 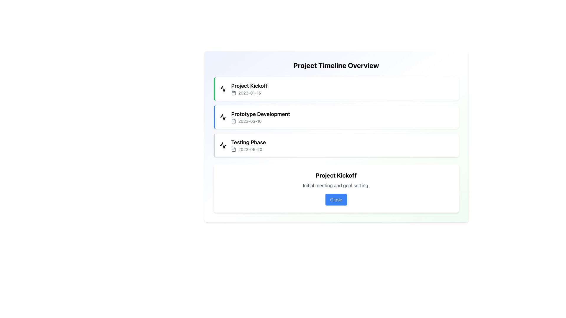 What do you see at coordinates (260, 117) in the screenshot?
I see `the 'Prototype Development' text label with icon in the project timeline list to initiate related actions` at bounding box center [260, 117].